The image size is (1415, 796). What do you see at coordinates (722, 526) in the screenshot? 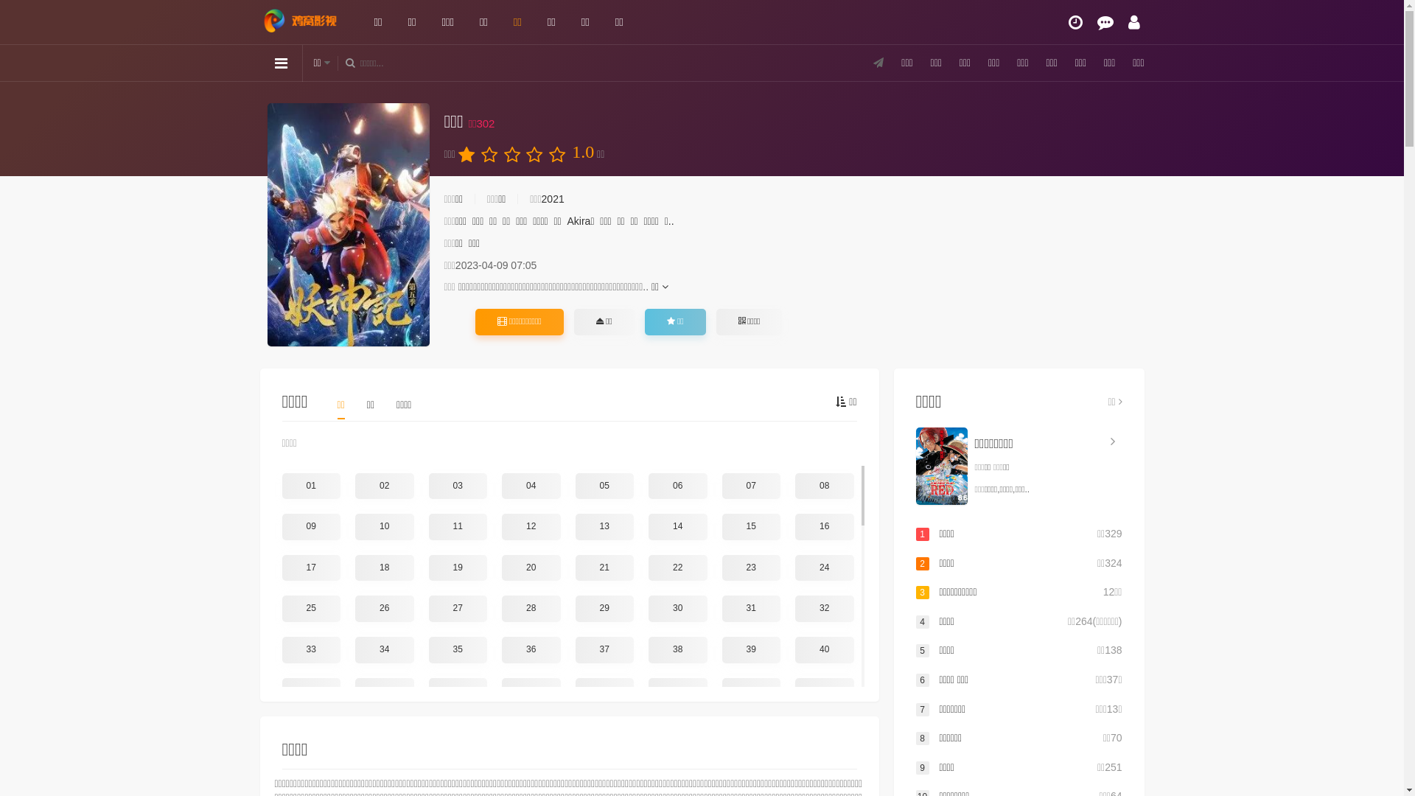
I see `'15'` at bounding box center [722, 526].